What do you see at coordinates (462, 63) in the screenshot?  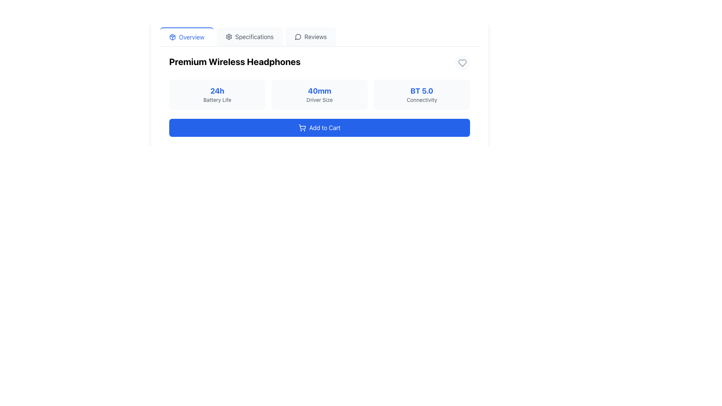 I see `the favorite or like icon located at the top-right corner of the interface` at bounding box center [462, 63].